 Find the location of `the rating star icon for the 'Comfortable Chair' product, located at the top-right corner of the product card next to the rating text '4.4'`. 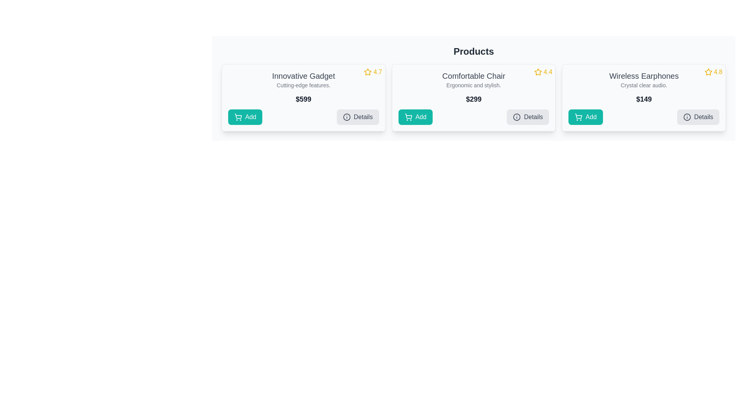

the rating star icon for the 'Comfortable Chair' product, located at the top-right corner of the product card next to the rating text '4.4' is located at coordinates (538, 72).